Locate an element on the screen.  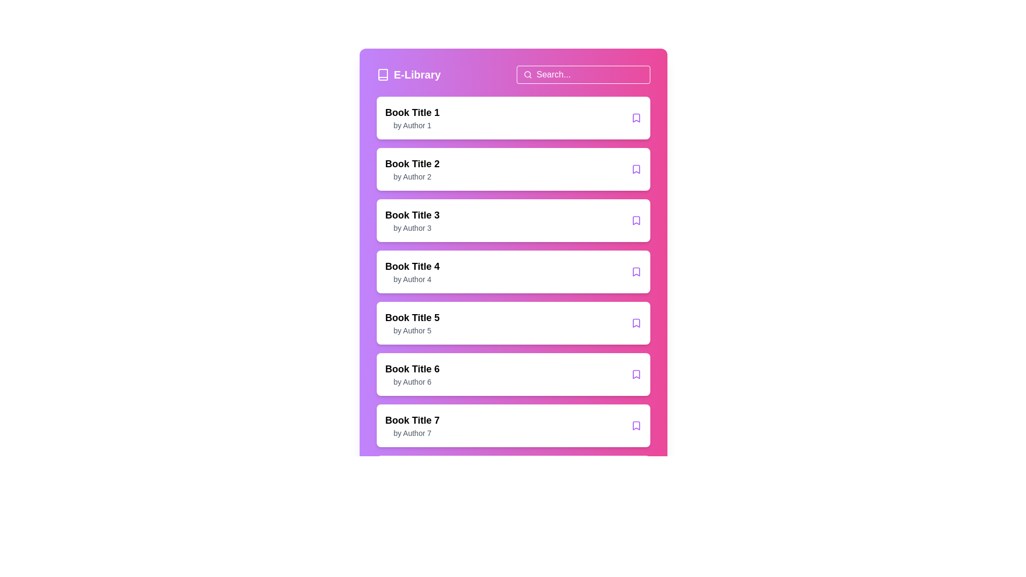
the 'E-Library' label located in the left section of the header bar, which serves as a title for the interface and is positioned to the left of the search box is located at coordinates (408, 74).